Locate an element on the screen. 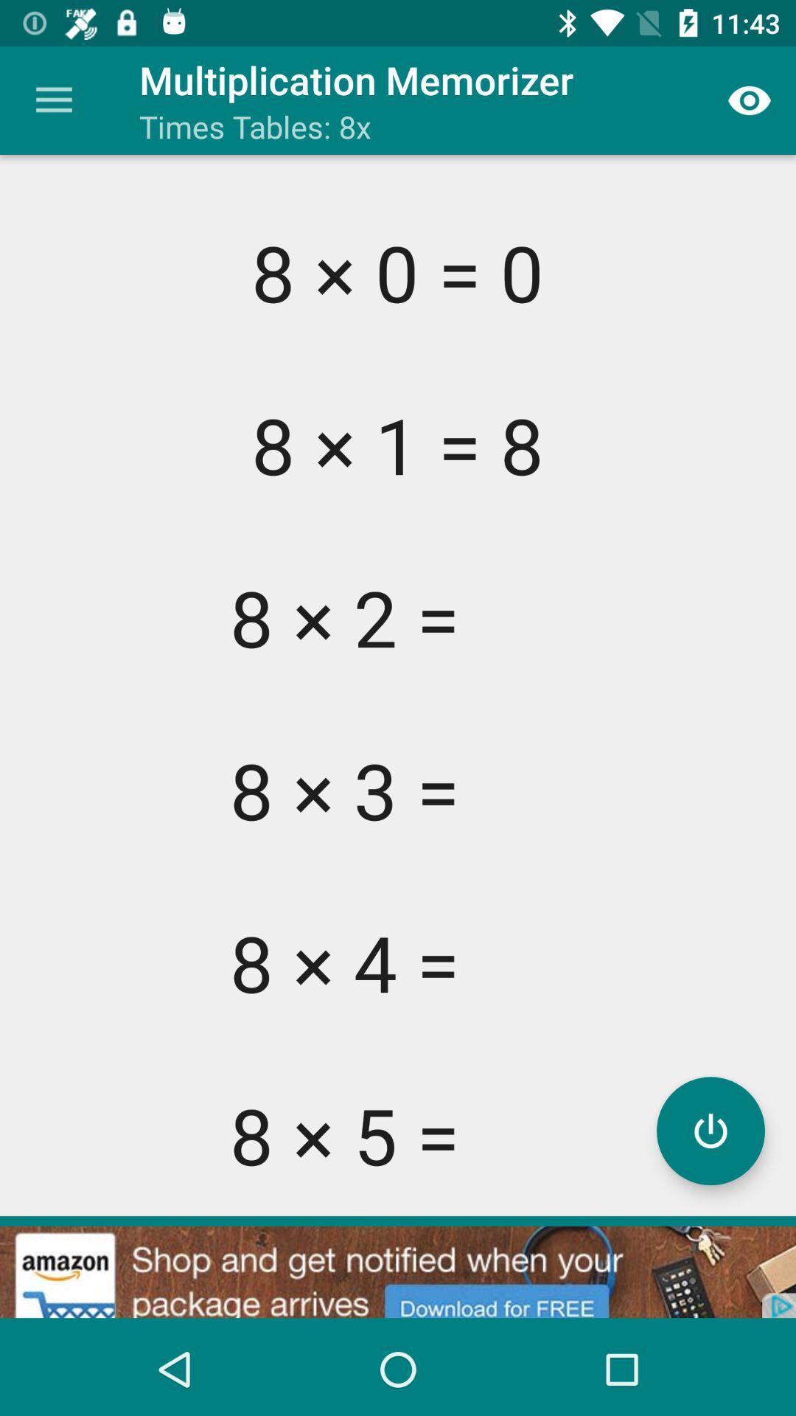  switch off is located at coordinates (710, 1130).